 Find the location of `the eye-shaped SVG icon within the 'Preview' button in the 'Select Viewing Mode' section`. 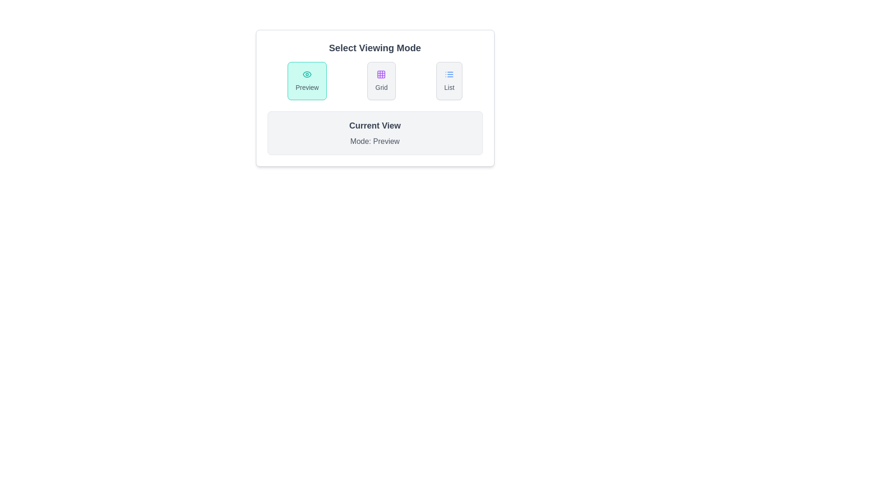

the eye-shaped SVG icon within the 'Preview' button in the 'Select Viewing Mode' section is located at coordinates (307, 74).